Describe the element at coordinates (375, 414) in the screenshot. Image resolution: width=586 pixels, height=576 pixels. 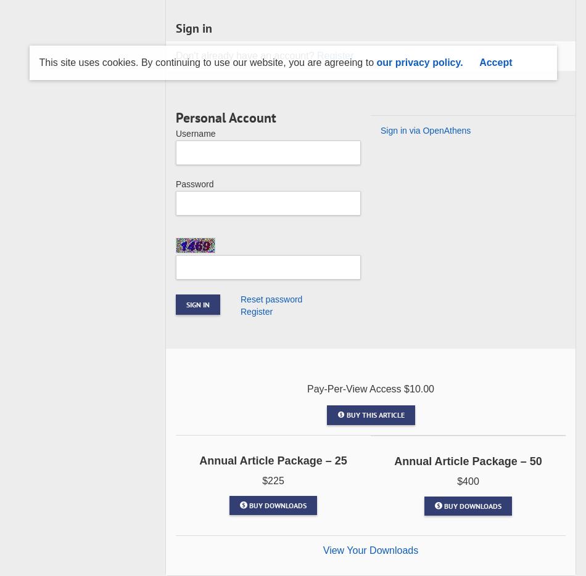
I see `'Buy This Article'` at that location.